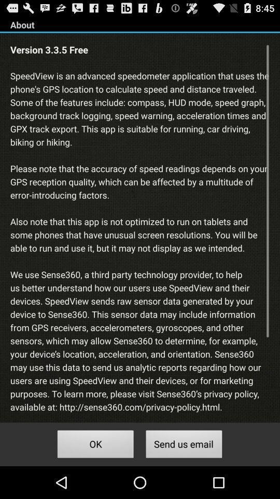 This screenshot has height=499, width=280. I want to click on button next to the send us email button, so click(95, 445).